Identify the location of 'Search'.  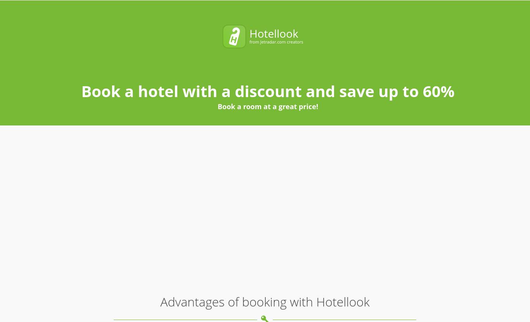
(417, 28).